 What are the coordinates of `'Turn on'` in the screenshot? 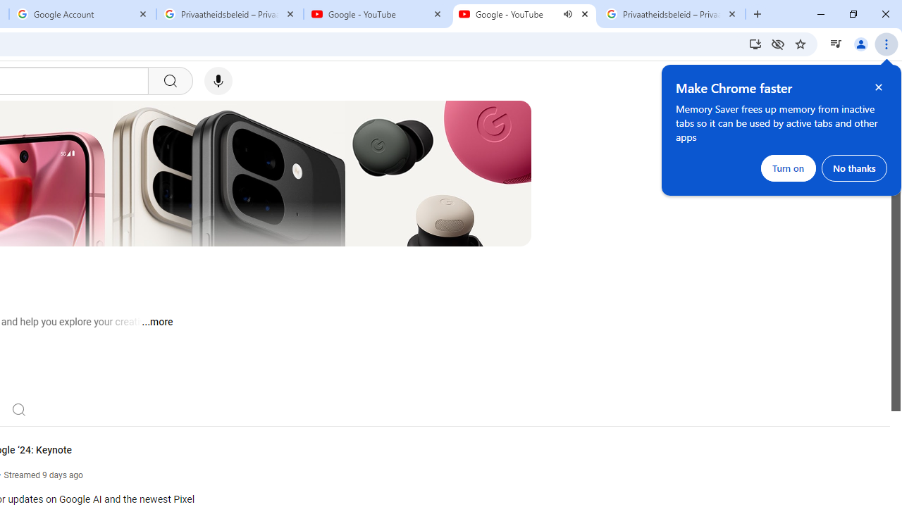 It's located at (788, 168).